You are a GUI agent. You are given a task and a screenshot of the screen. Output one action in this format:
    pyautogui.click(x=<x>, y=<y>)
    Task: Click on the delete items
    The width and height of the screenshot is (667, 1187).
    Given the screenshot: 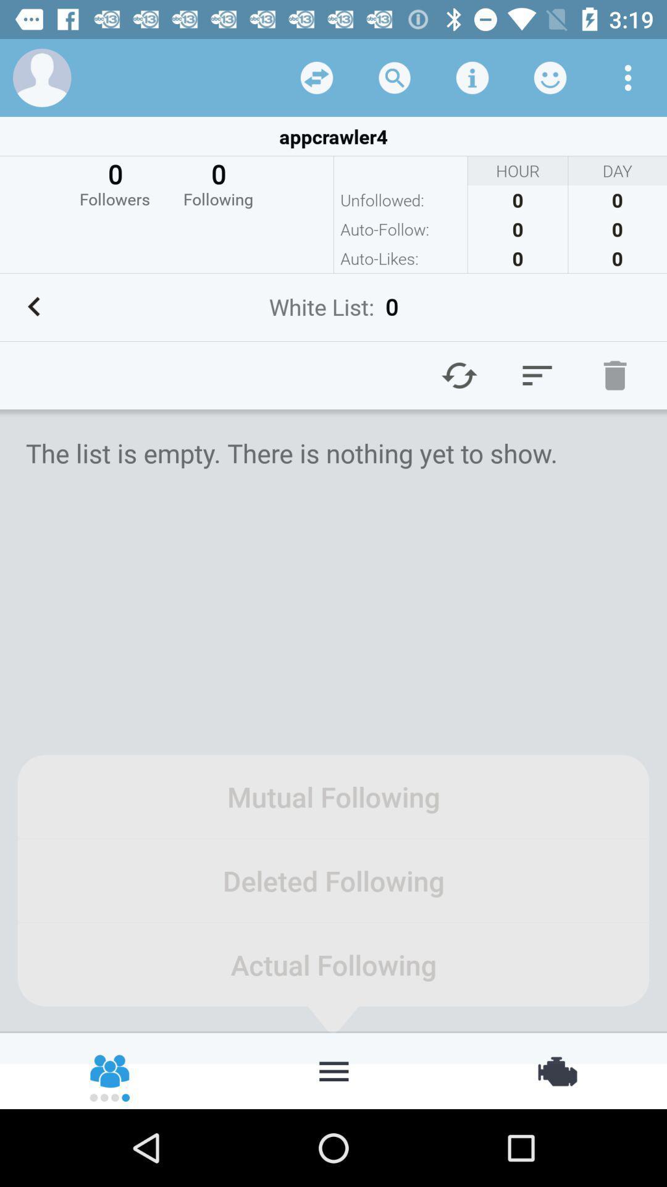 What is the action you would take?
    pyautogui.click(x=615, y=375)
    